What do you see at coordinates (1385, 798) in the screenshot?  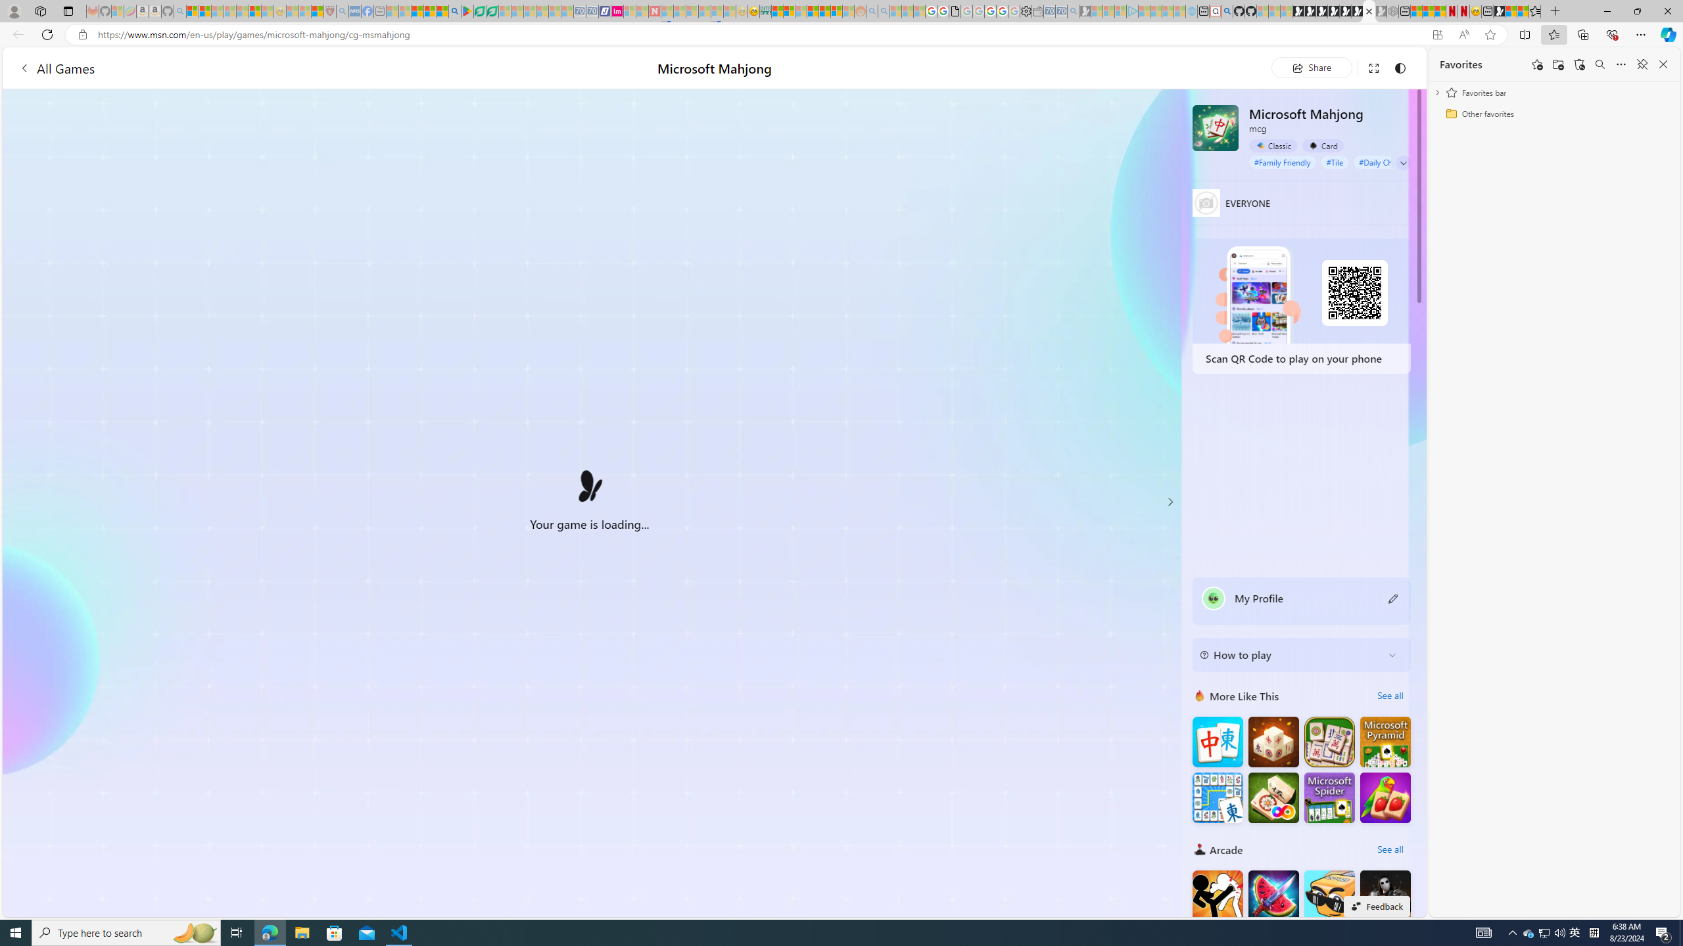 I see `'Solitaire Mahjong Juicy'` at bounding box center [1385, 798].